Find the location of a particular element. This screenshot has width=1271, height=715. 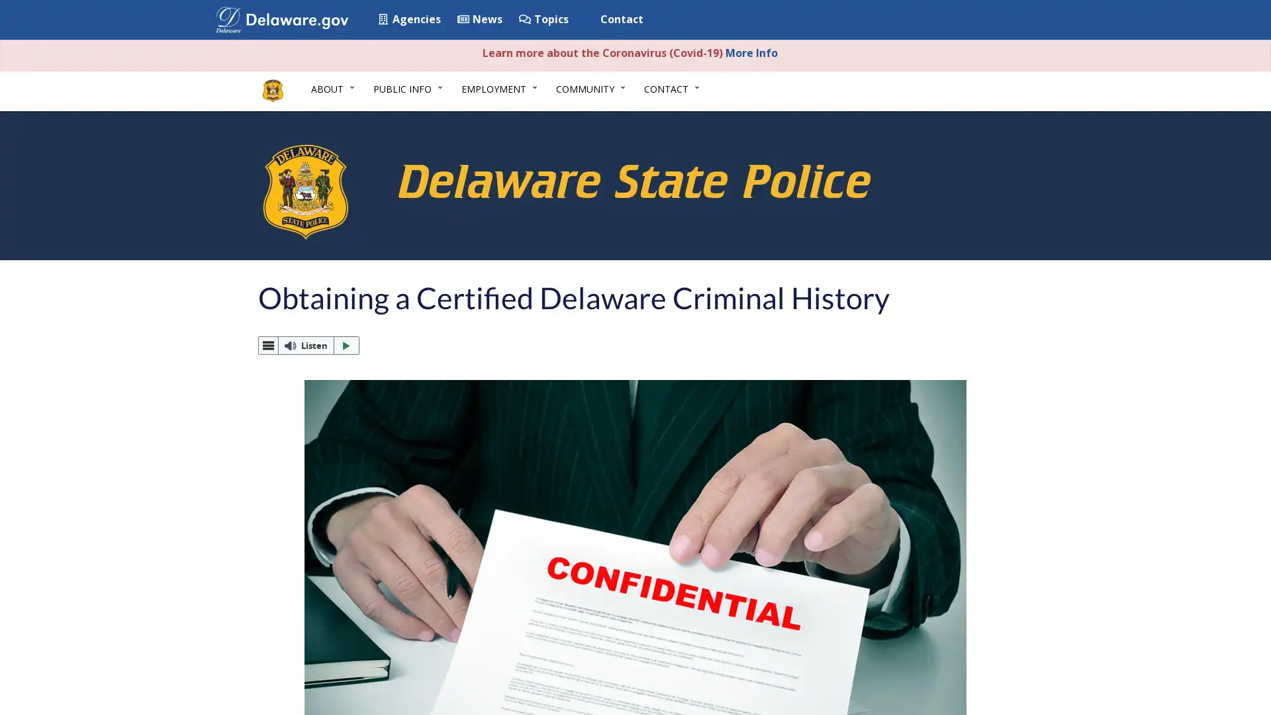

ReadSpeaker webReader: Listen with webReader is located at coordinates (308, 344).